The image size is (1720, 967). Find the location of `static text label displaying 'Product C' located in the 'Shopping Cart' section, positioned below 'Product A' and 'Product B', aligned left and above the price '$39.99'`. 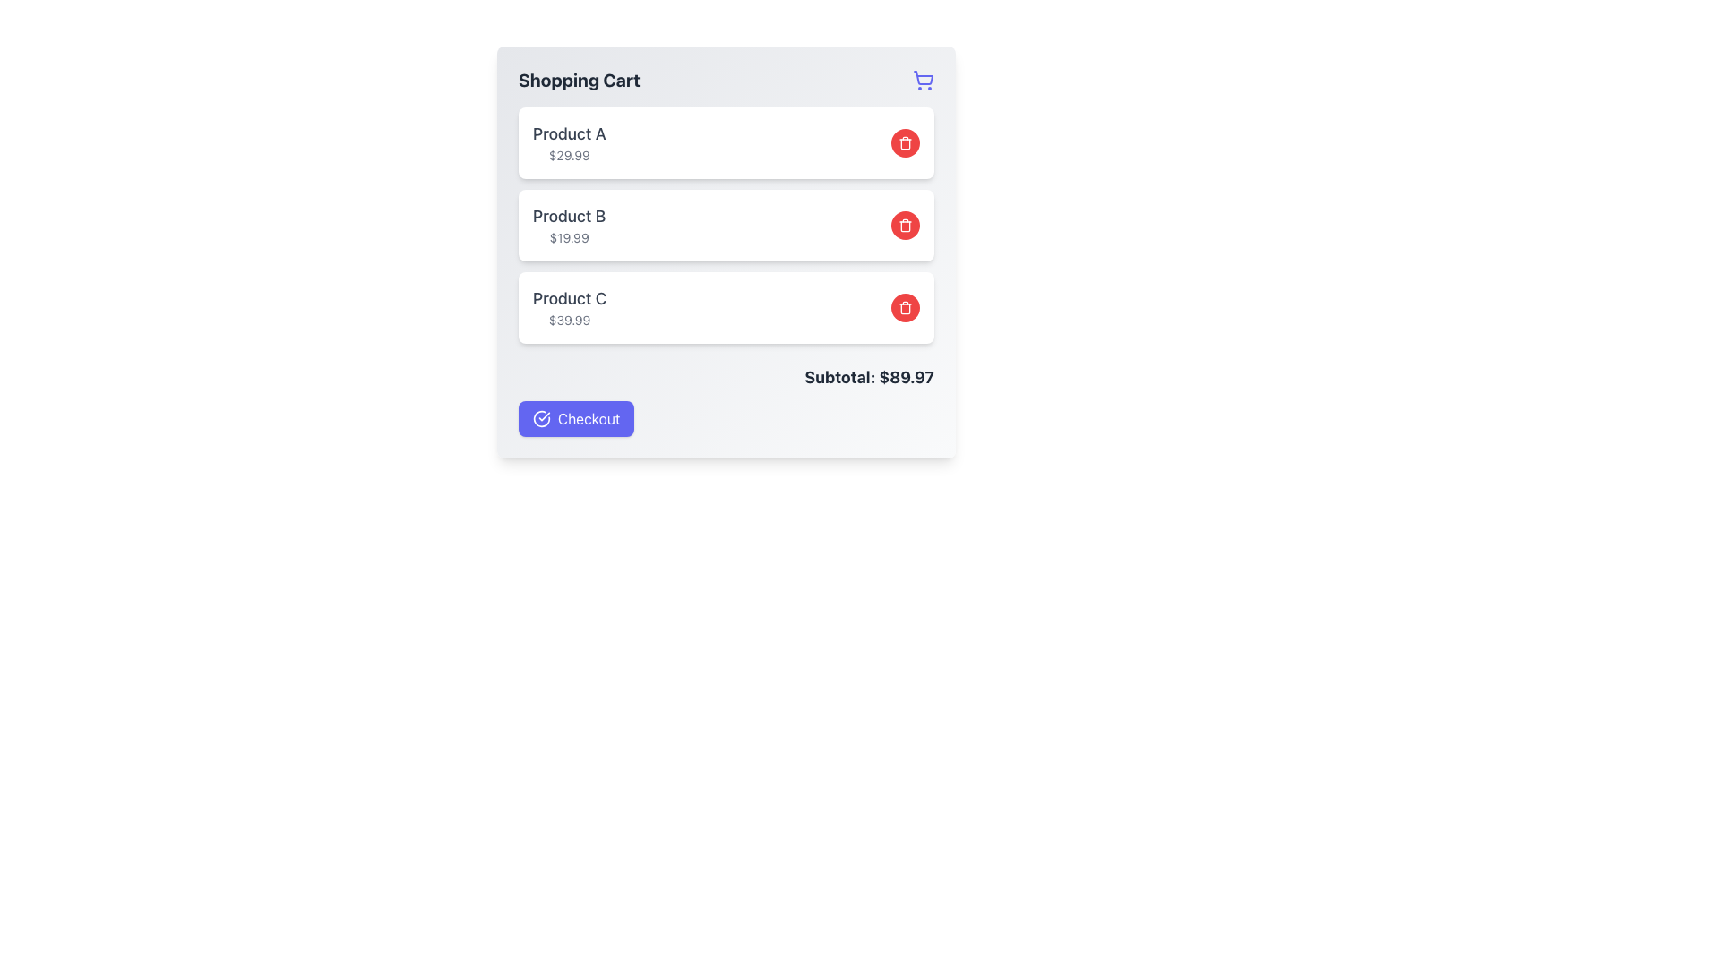

static text label displaying 'Product C' located in the 'Shopping Cart' section, positioned below 'Product A' and 'Product B', aligned left and above the price '$39.99' is located at coordinates (569, 298).